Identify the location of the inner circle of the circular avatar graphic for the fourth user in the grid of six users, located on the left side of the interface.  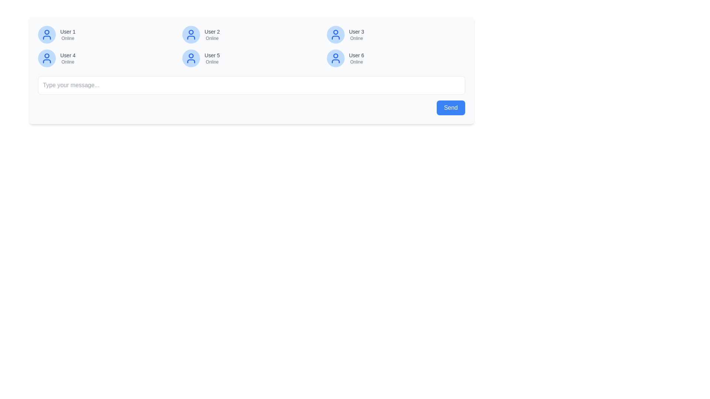
(46, 55).